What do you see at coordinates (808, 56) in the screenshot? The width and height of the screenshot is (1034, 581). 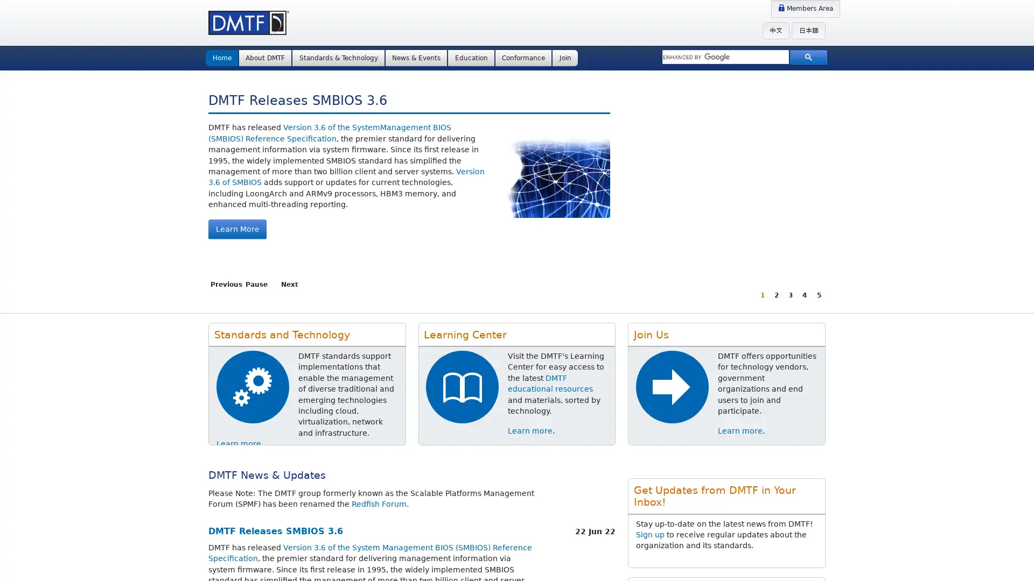 I see `search` at bounding box center [808, 56].